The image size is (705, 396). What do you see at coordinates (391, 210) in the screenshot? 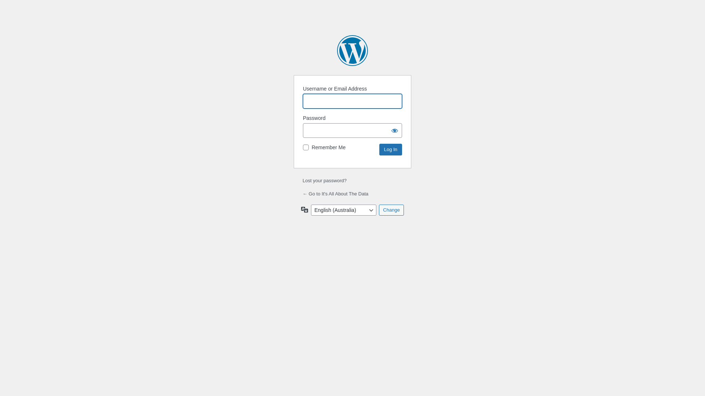
I see `'Change'` at bounding box center [391, 210].